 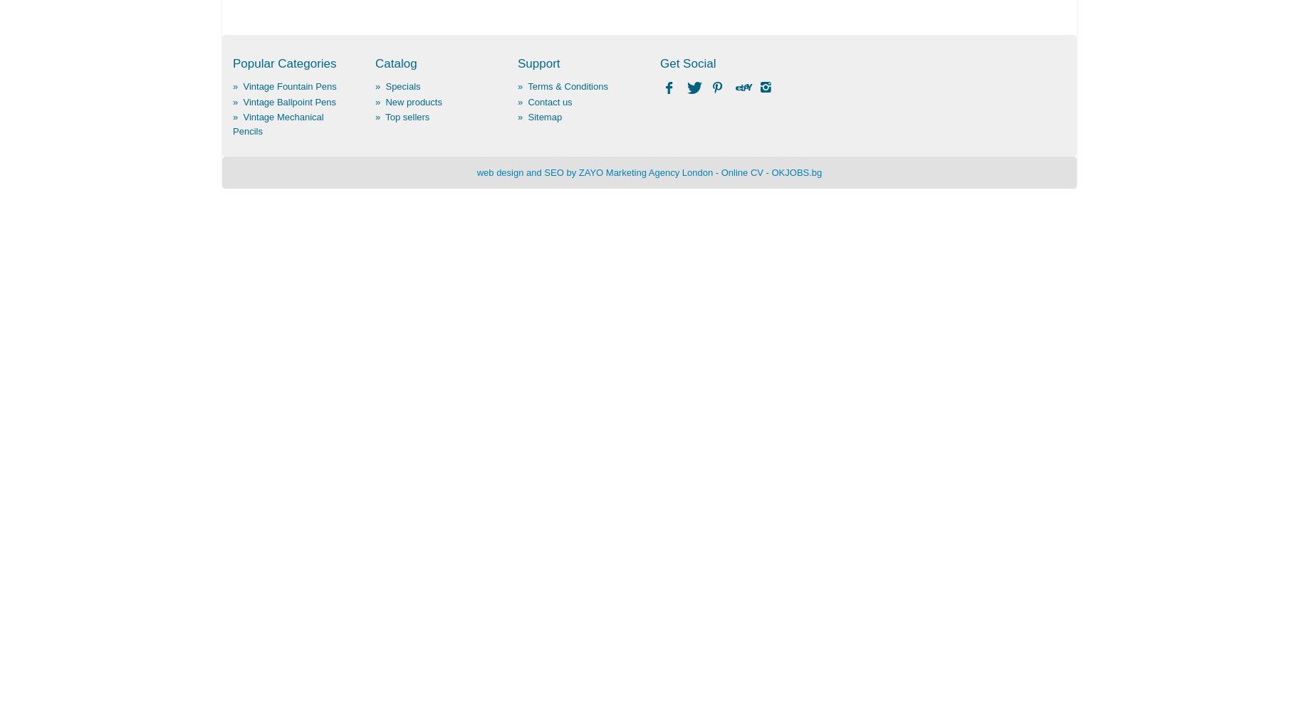 I want to click on 'Support', so click(x=538, y=62).